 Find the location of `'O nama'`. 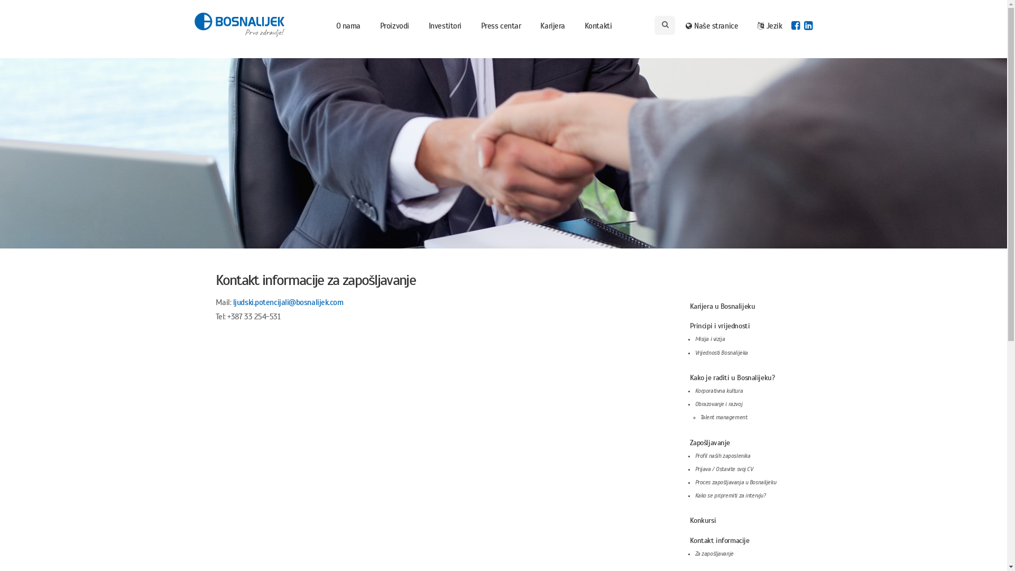

'O nama' is located at coordinates (335, 25).